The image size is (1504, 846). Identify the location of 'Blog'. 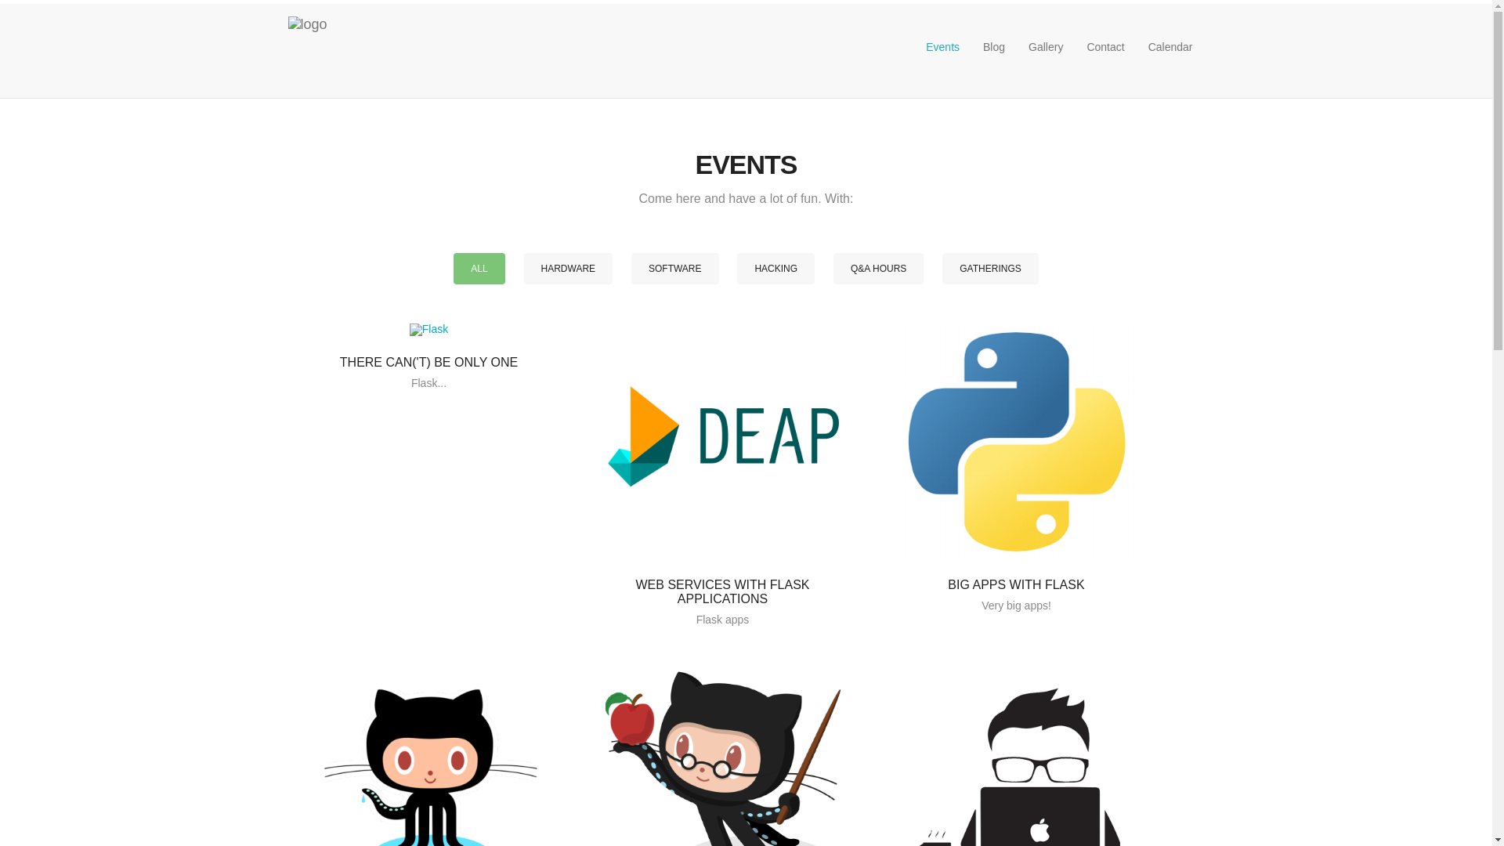
(992, 46).